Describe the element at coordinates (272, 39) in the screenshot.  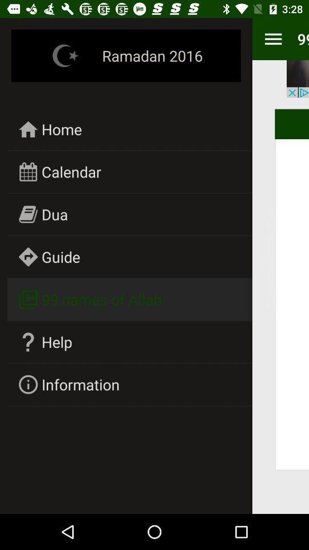
I see `icon next to 99 names of app` at that location.